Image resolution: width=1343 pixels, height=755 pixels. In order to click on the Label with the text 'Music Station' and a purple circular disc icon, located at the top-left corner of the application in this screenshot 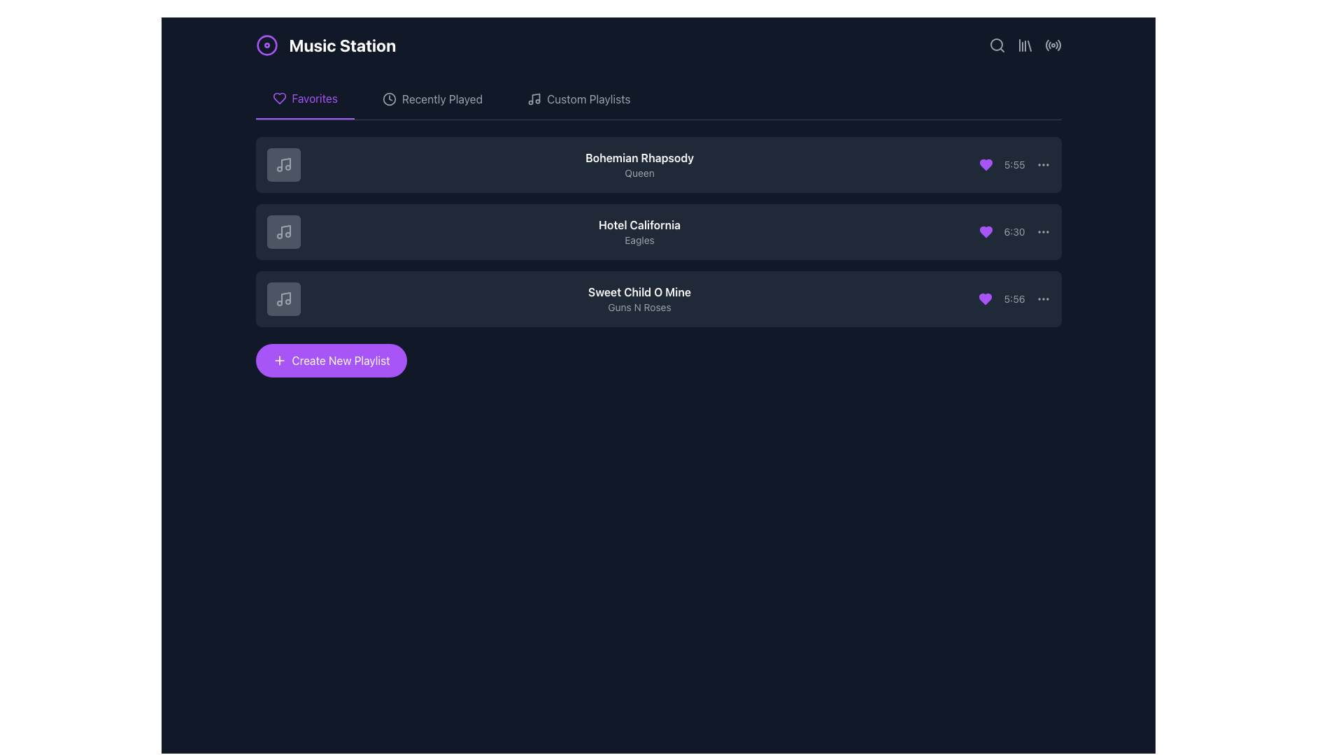, I will do `click(325, 45)`.